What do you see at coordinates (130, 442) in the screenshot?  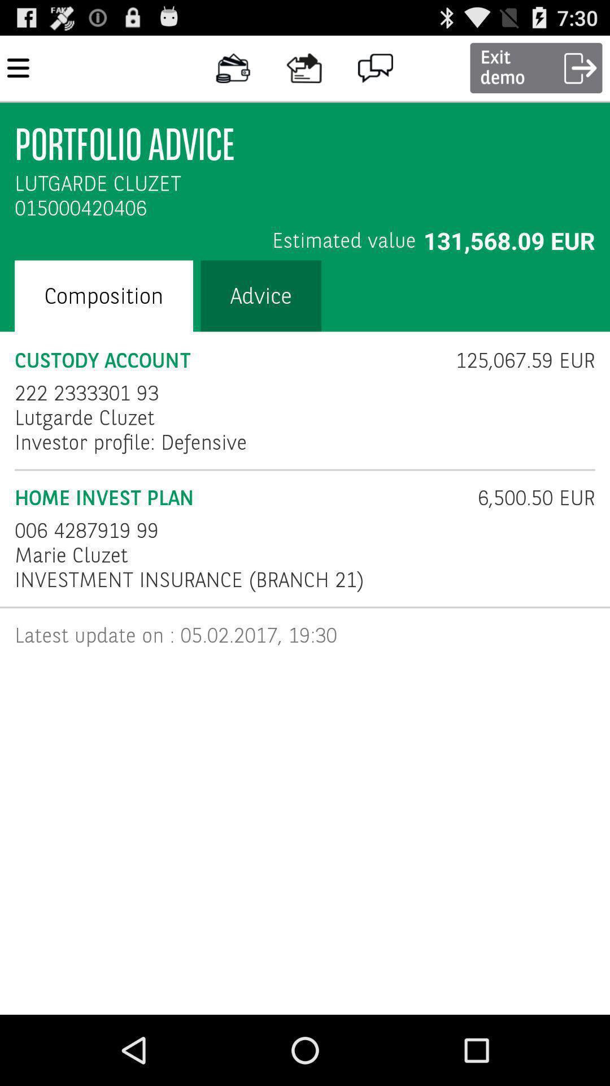 I see `item below the lutgarde cluzet checkbox` at bounding box center [130, 442].